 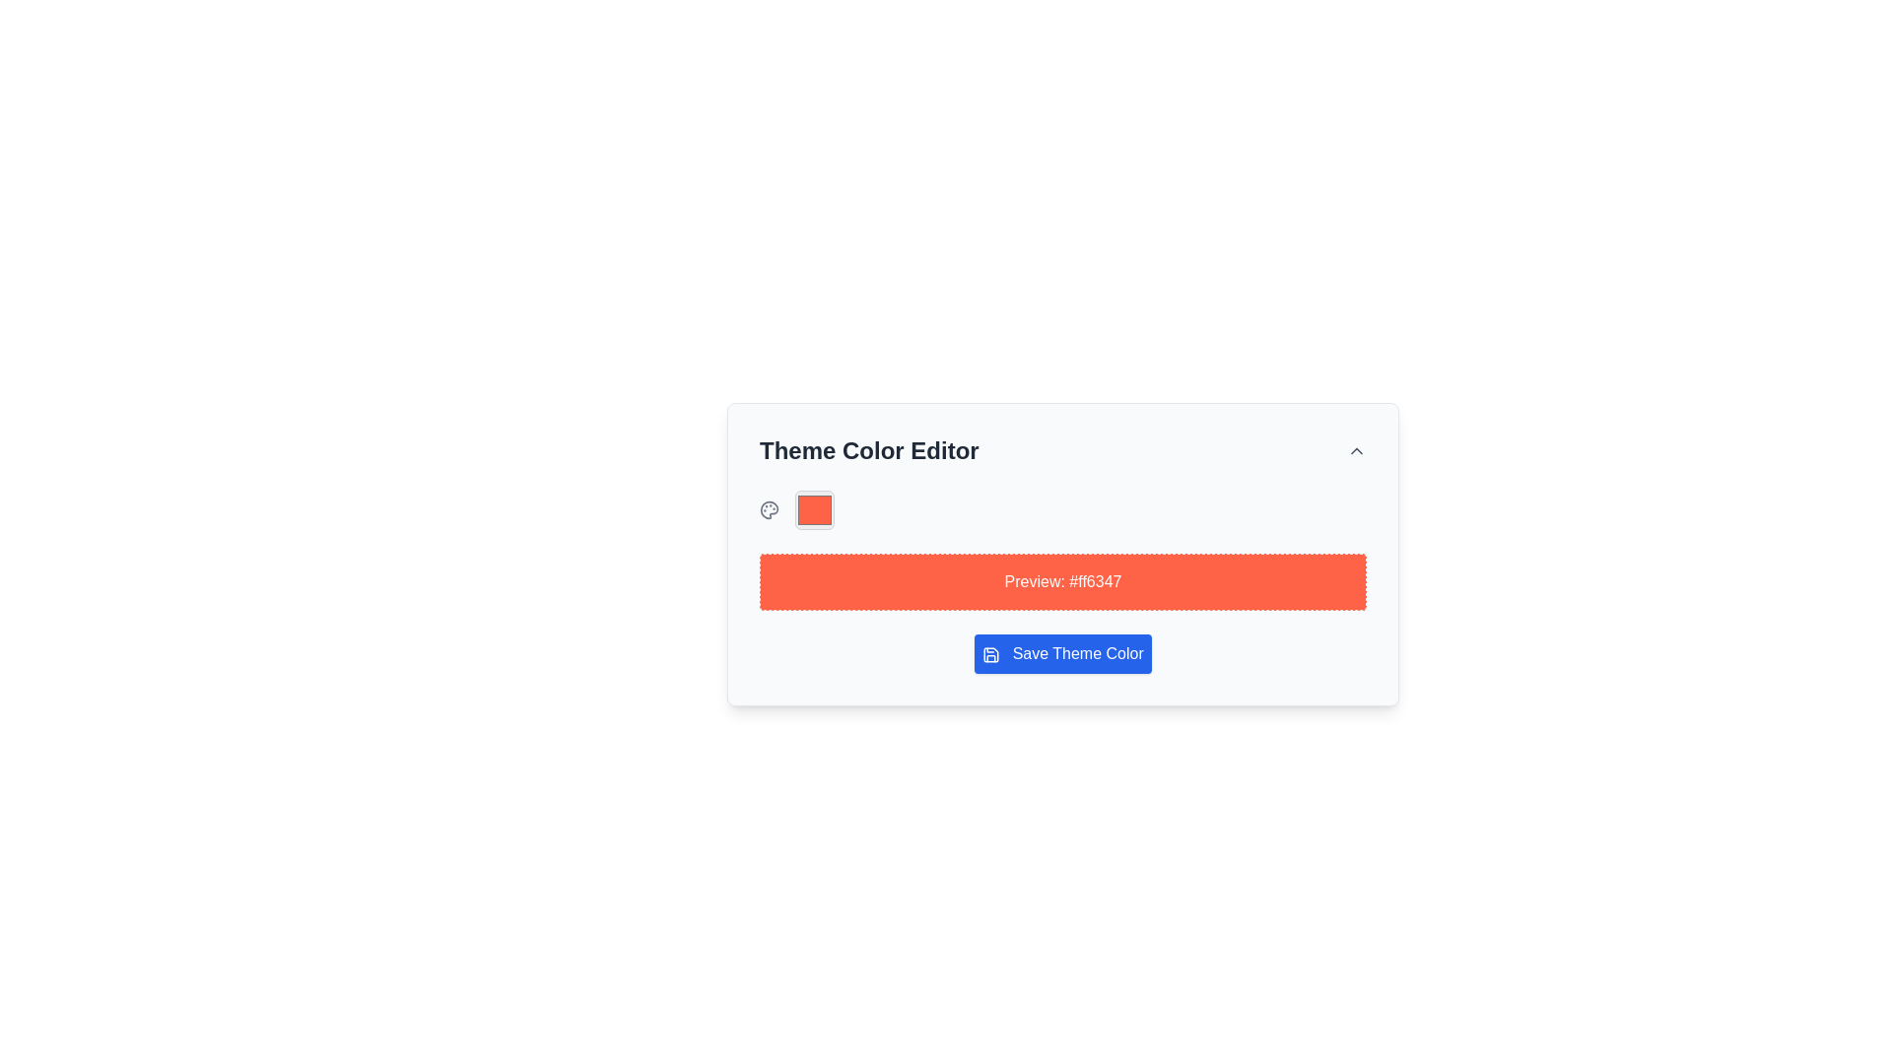 What do you see at coordinates (814, 508) in the screenshot?
I see `the vibrant tomato red color swatch with a light gray border and rounded corners in the 'Theme Color Editor' section` at bounding box center [814, 508].